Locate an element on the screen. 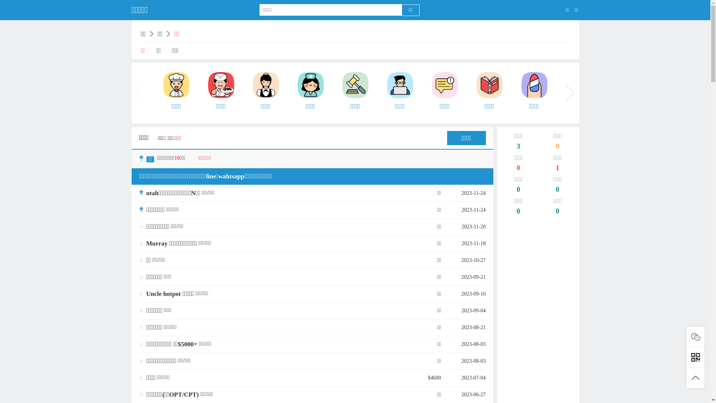 Image resolution: width=716 pixels, height=403 pixels. '3' is located at coordinates (518, 147).